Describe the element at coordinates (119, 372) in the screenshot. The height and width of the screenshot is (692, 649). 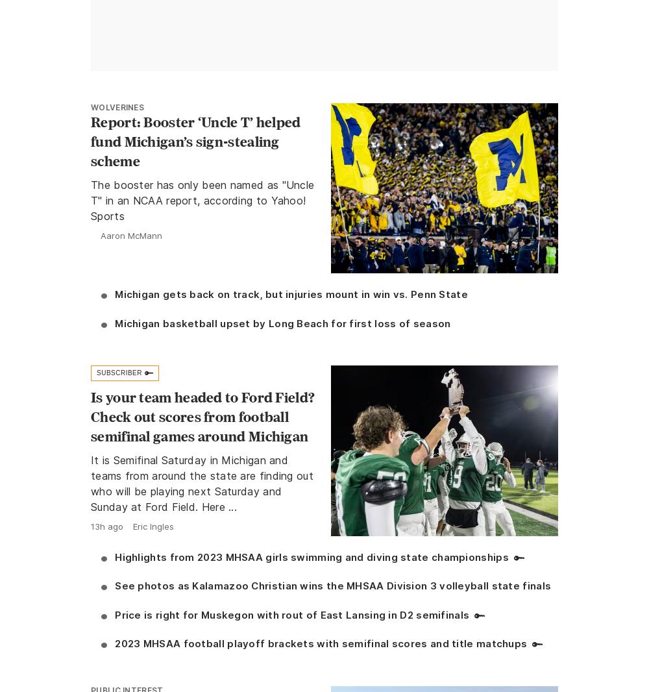
I see `'Subscriber'` at that location.